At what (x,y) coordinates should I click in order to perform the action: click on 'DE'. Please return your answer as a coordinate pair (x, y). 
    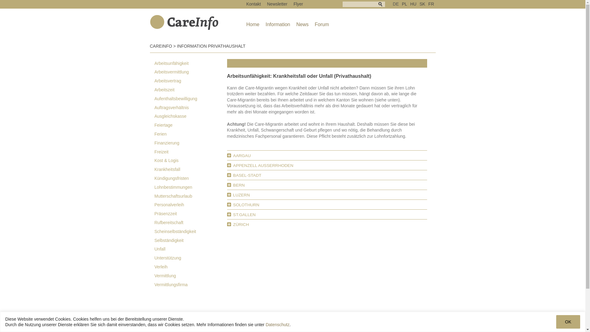
    Looking at the image, I should click on (395, 4).